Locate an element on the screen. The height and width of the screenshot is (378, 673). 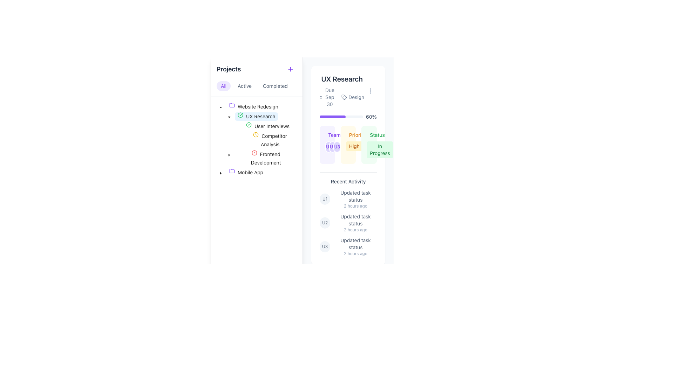
small circular yellow clock icon located in the sidebar navigation under the 'Projects' section, next to the text 'UX Research', for additional details if interactive is located at coordinates (256, 135).